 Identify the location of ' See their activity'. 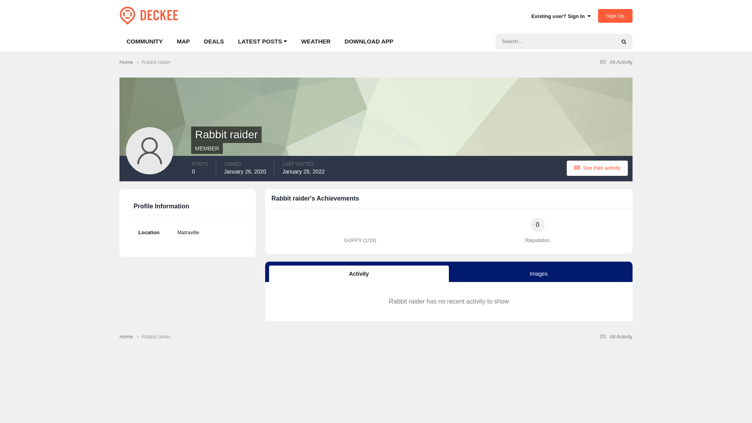
(597, 168).